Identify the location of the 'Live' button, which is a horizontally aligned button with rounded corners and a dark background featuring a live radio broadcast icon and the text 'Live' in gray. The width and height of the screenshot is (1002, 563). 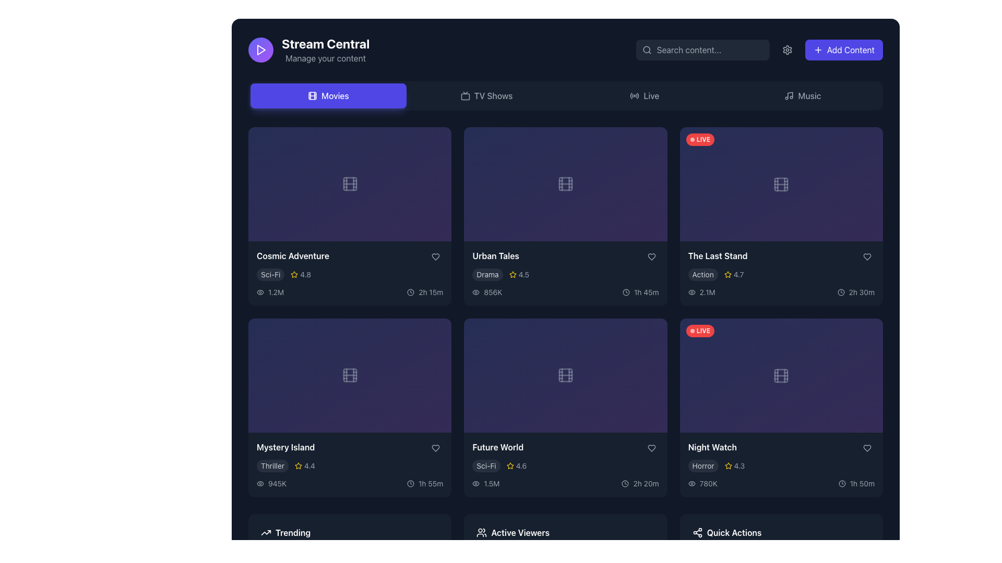
(644, 96).